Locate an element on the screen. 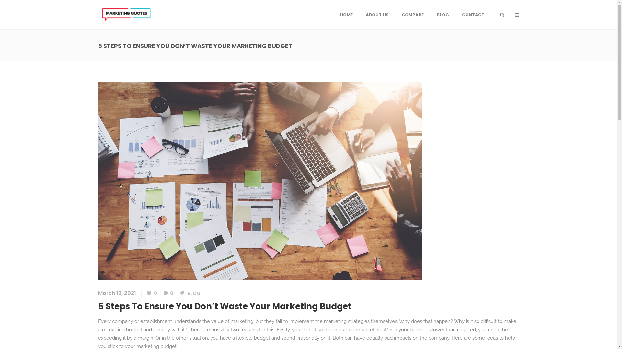 This screenshot has height=349, width=622. 'BLOG' is located at coordinates (443, 15).